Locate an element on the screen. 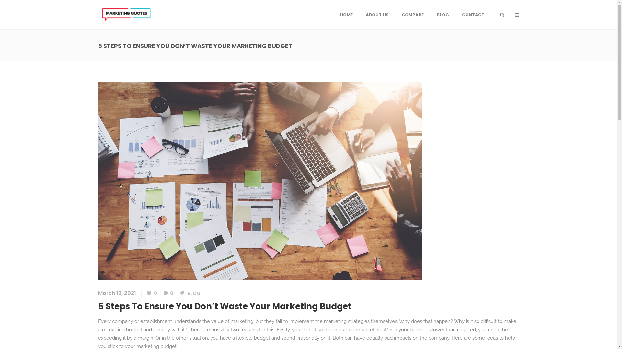 This screenshot has height=349, width=622. 'BLOG' is located at coordinates (443, 15).